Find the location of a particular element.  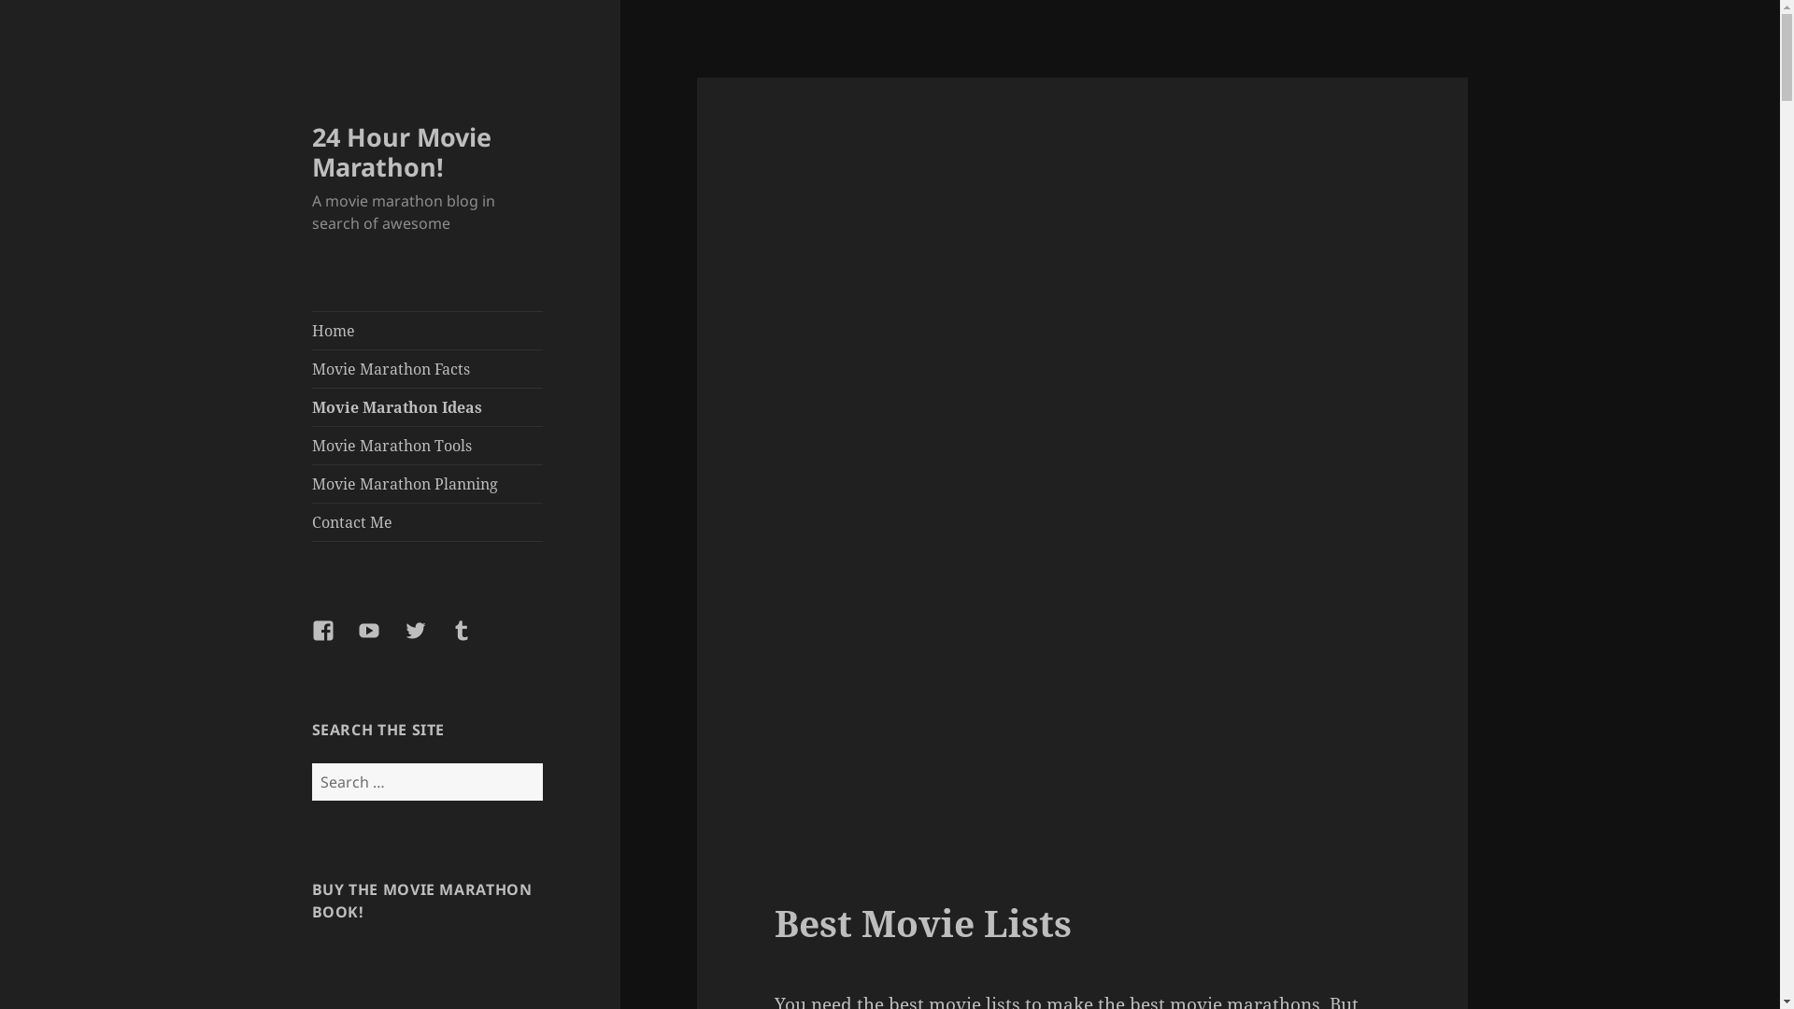

'Movie Marathon Tools' is located at coordinates (312, 446).